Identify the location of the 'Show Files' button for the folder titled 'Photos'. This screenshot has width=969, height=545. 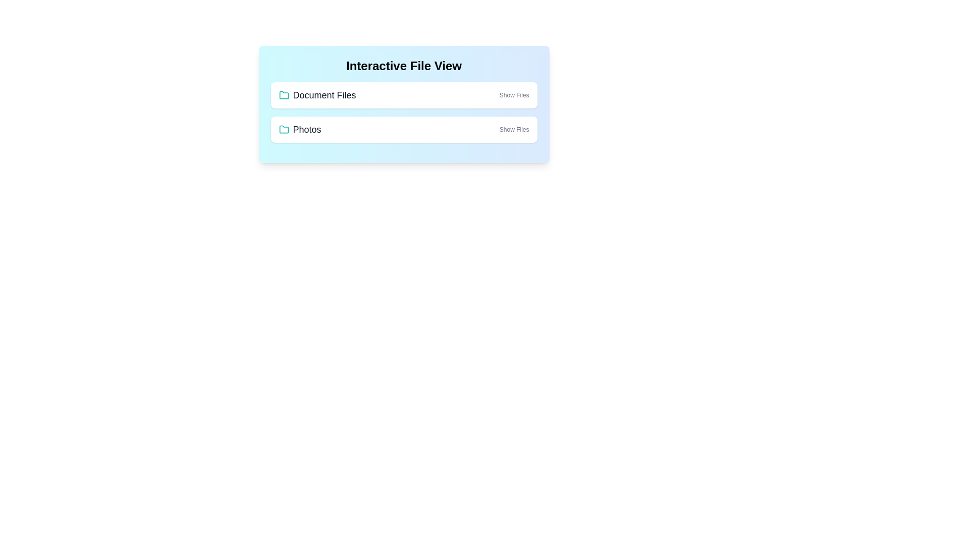
(514, 129).